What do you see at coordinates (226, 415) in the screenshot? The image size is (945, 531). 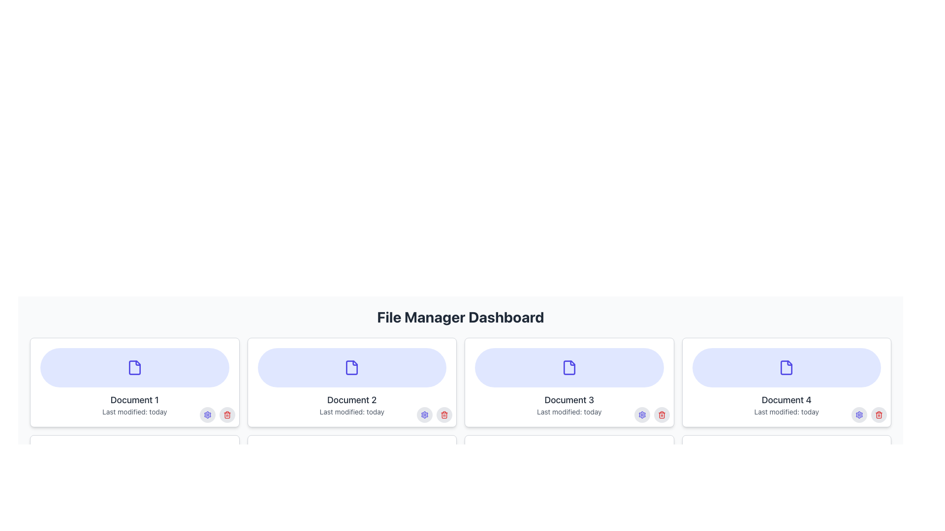 I see `the circular delete button with a light gray background and a red trash can icon located at the bottom-right corner of the 'Document 1' card` at bounding box center [226, 415].